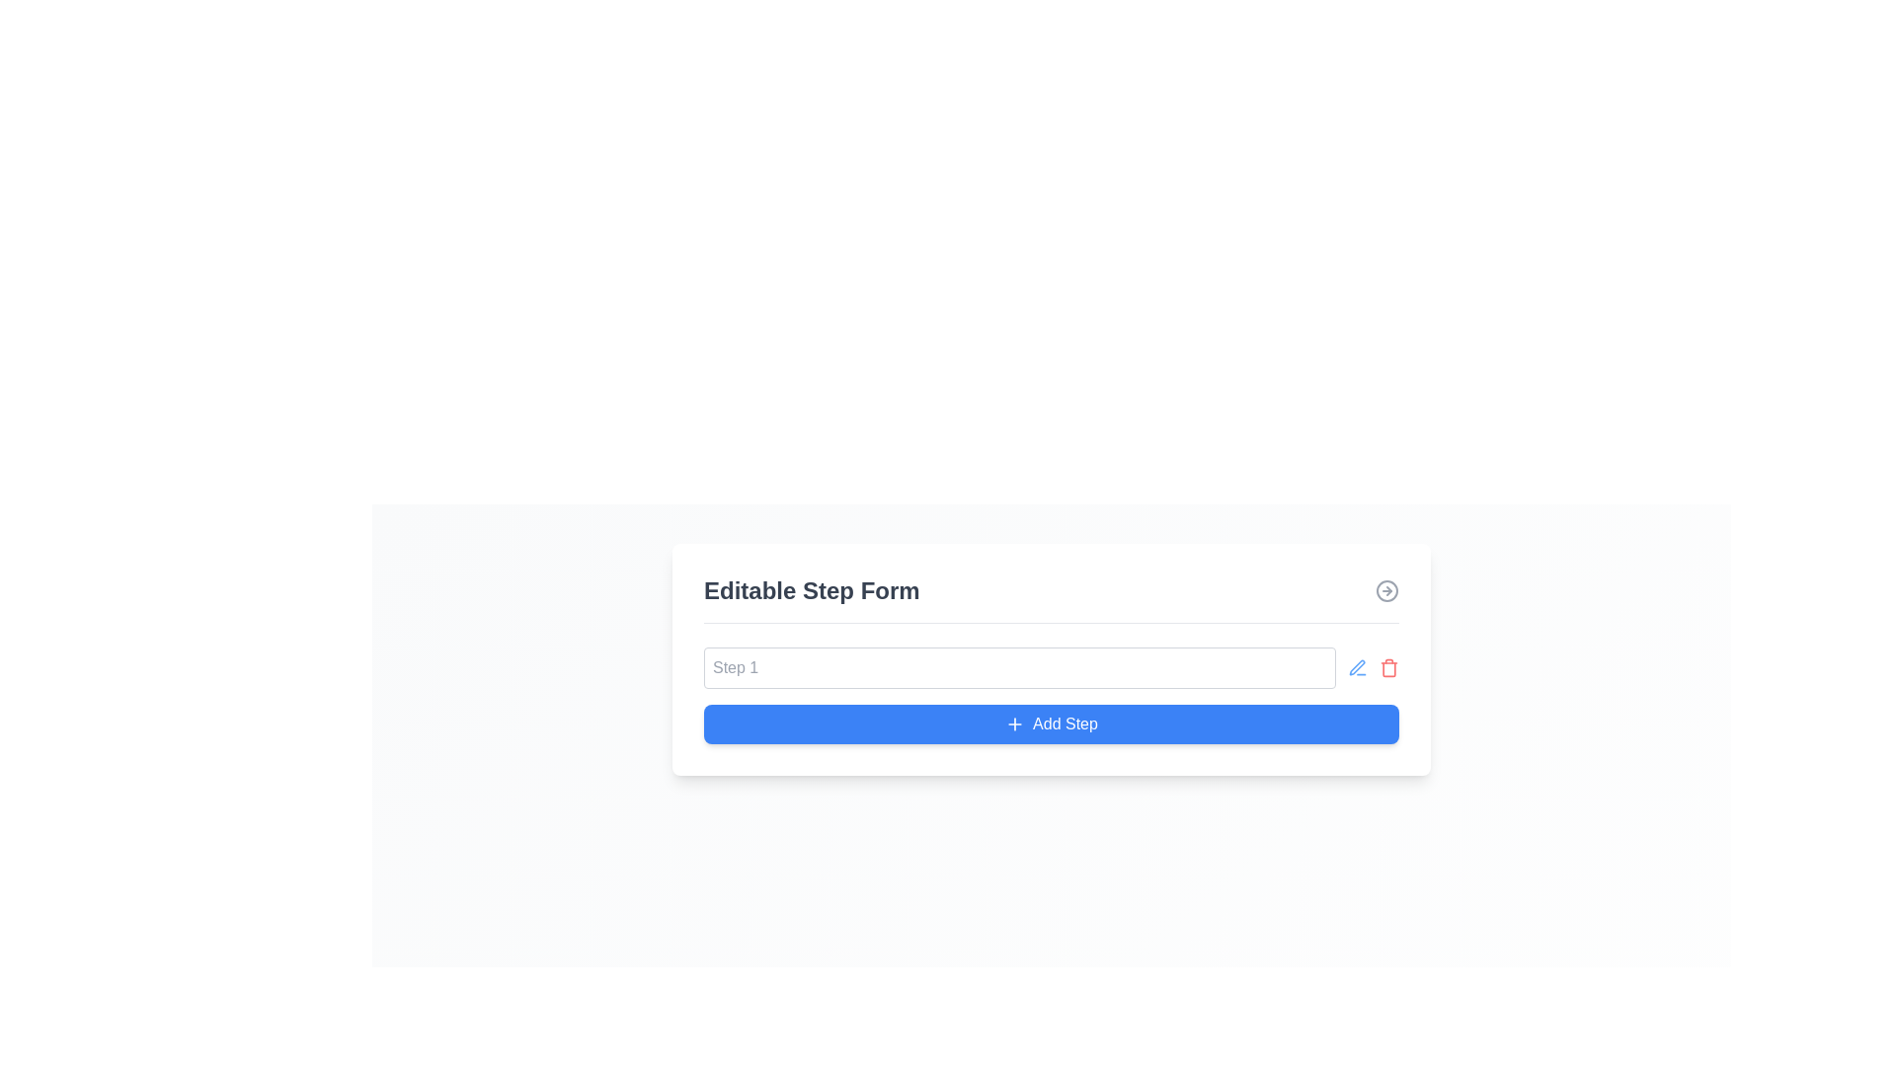  What do you see at coordinates (1356, 667) in the screenshot?
I see `the blue pen icon located between the 'Step 1' text input field and the red trash icon` at bounding box center [1356, 667].